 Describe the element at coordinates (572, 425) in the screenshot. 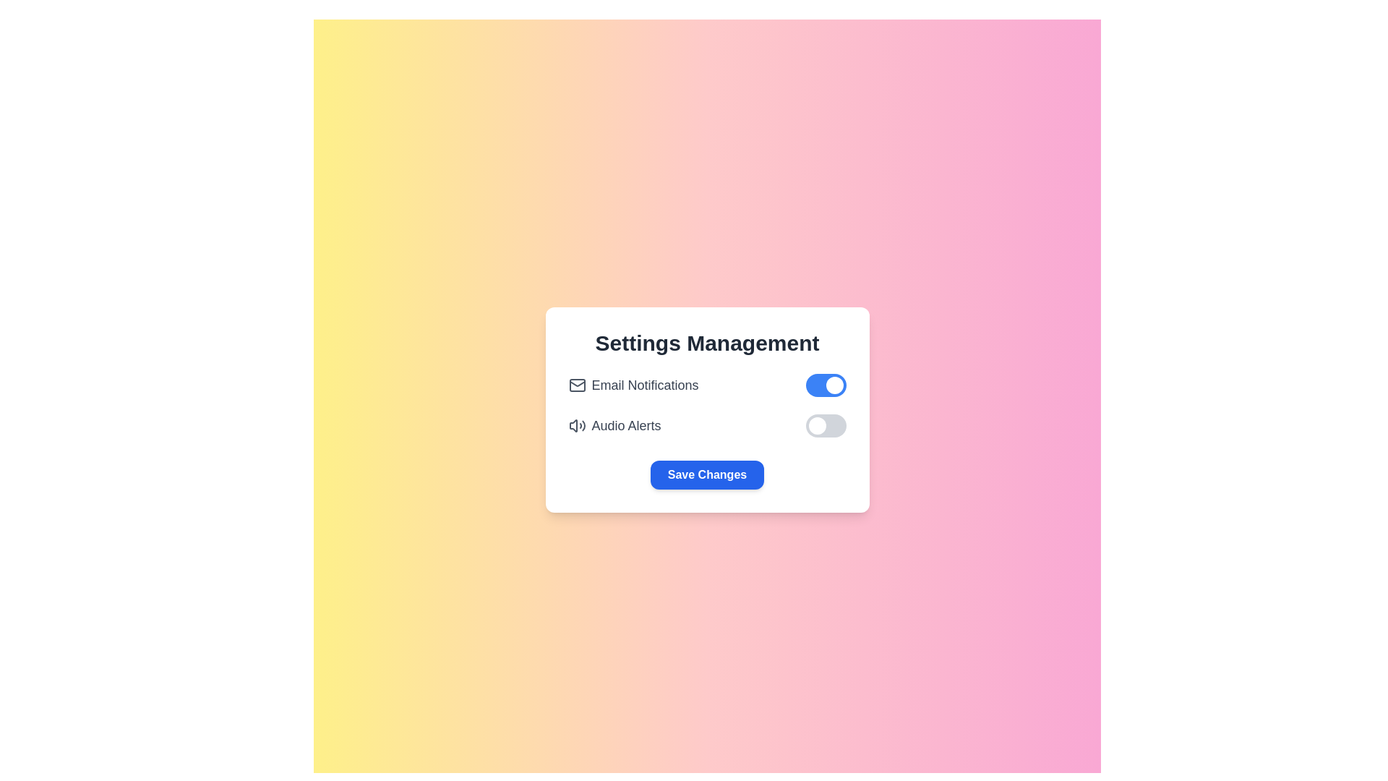

I see `the leftmost portion of the speaker icon representing the 'Audio Alerts' sound settings in the settings menu` at that location.